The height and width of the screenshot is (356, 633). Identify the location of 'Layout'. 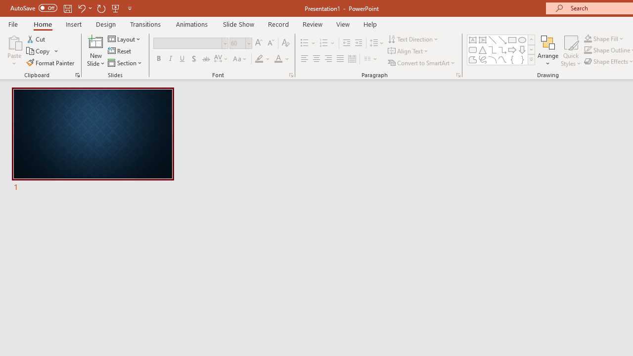
(124, 39).